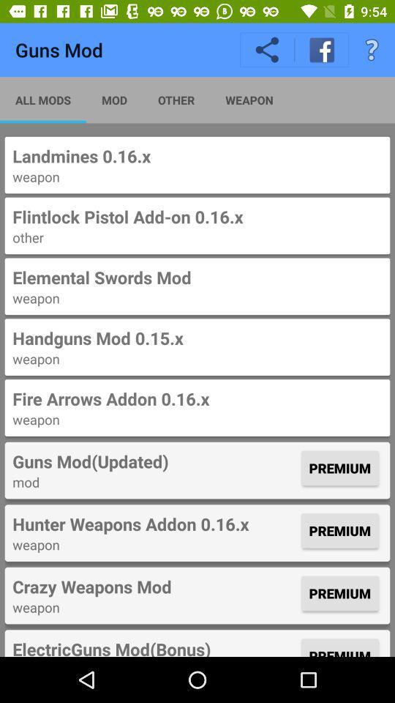 The image size is (395, 703). Describe the element at coordinates (43, 99) in the screenshot. I see `the app below the guns mod icon` at that location.